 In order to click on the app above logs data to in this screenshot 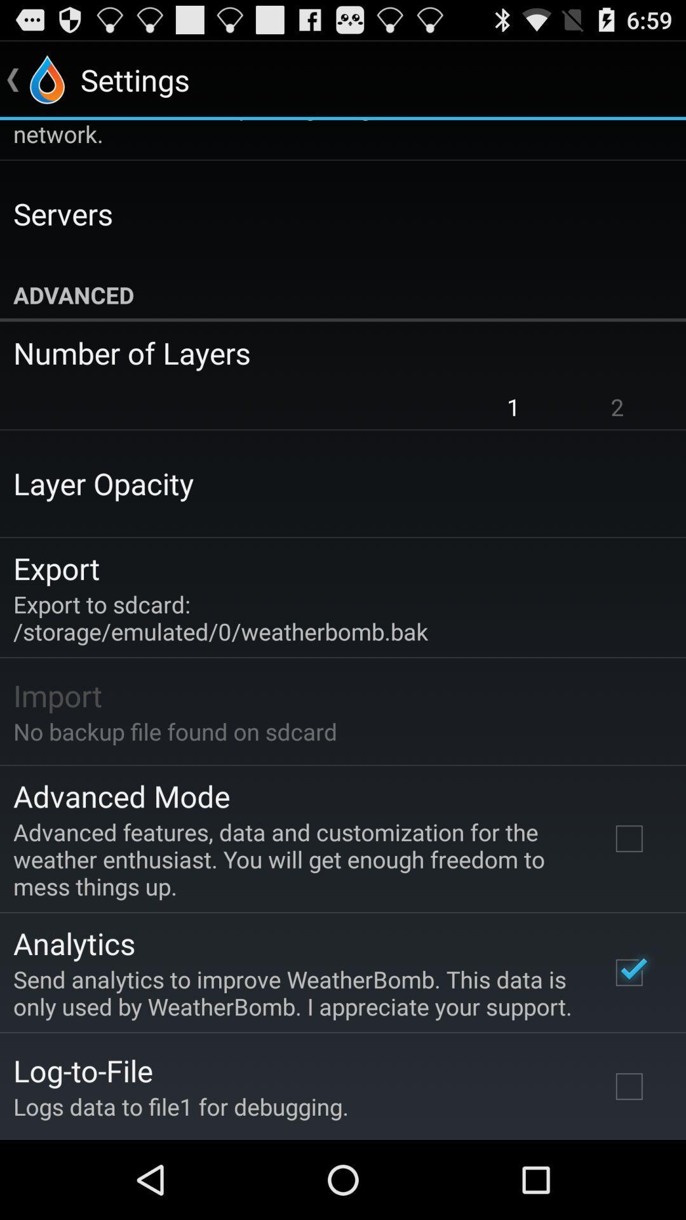, I will do `click(83, 1069)`.